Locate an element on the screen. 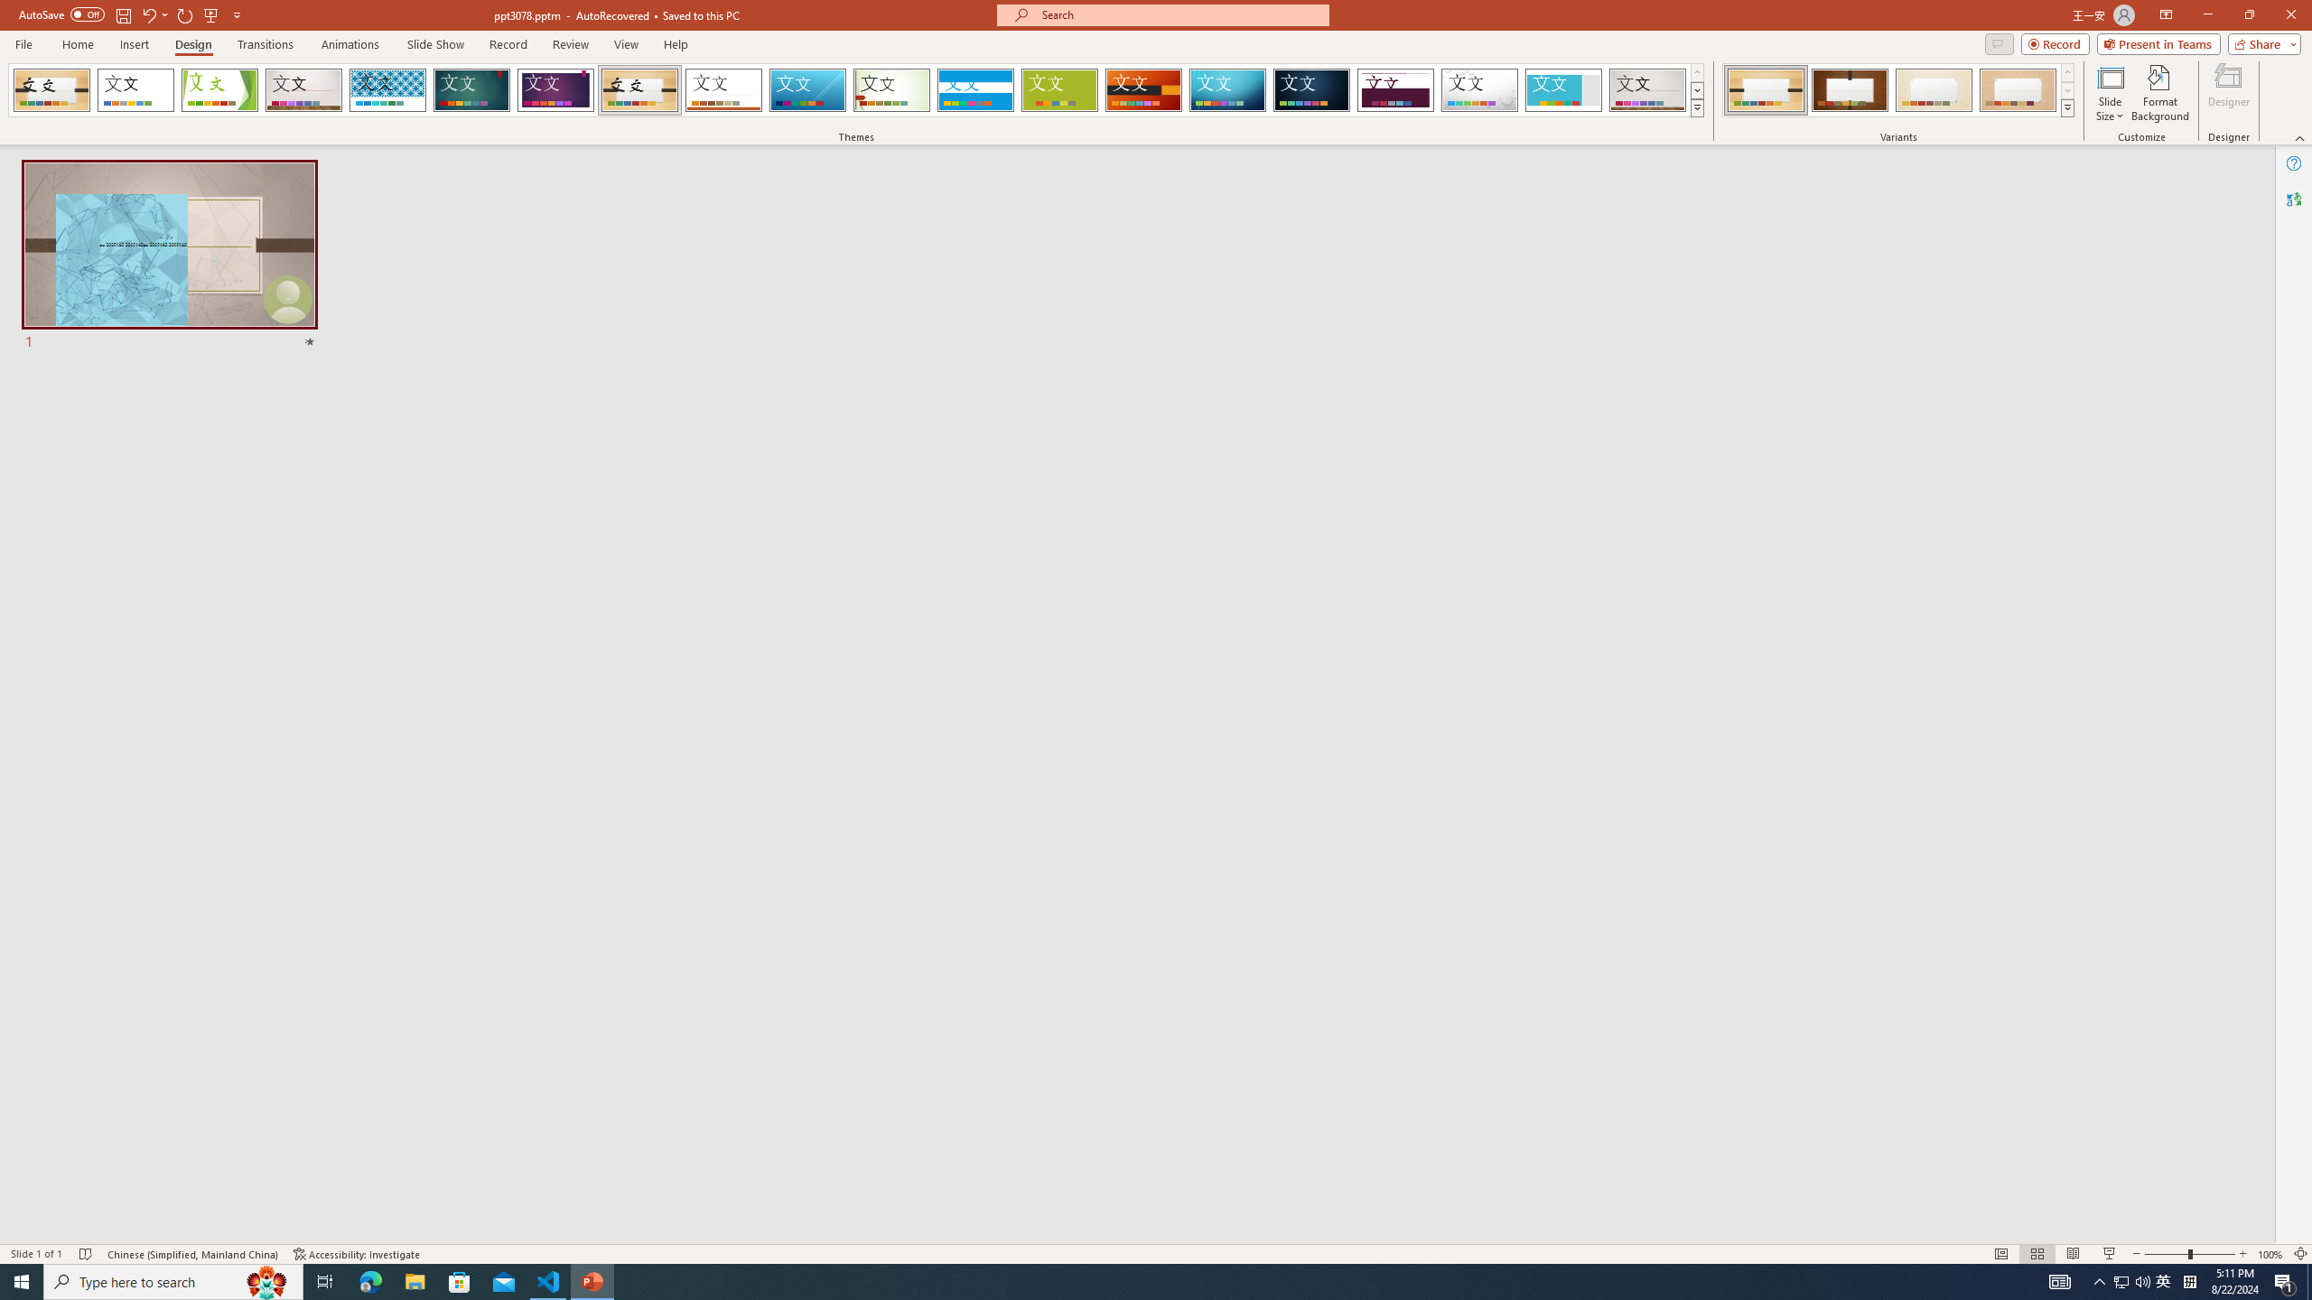 Image resolution: width=2312 pixels, height=1300 pixels. 'Office Theme' is located at coordinates (135, 89).